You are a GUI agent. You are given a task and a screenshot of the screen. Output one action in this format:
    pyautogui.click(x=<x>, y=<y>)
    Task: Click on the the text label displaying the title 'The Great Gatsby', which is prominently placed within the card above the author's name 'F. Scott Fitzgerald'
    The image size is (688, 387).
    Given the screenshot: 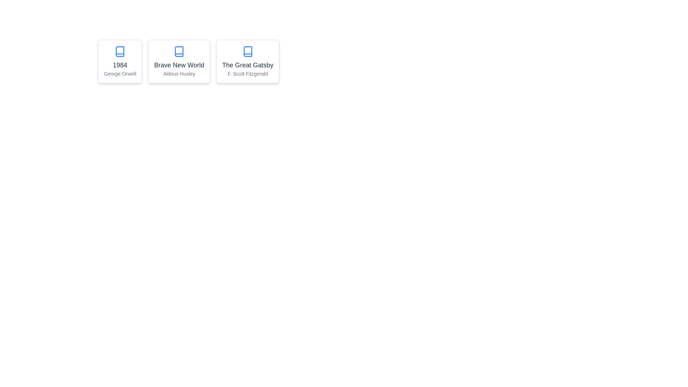 What is the action you would take?
    pyautogui.click(x=248, y=65)
    